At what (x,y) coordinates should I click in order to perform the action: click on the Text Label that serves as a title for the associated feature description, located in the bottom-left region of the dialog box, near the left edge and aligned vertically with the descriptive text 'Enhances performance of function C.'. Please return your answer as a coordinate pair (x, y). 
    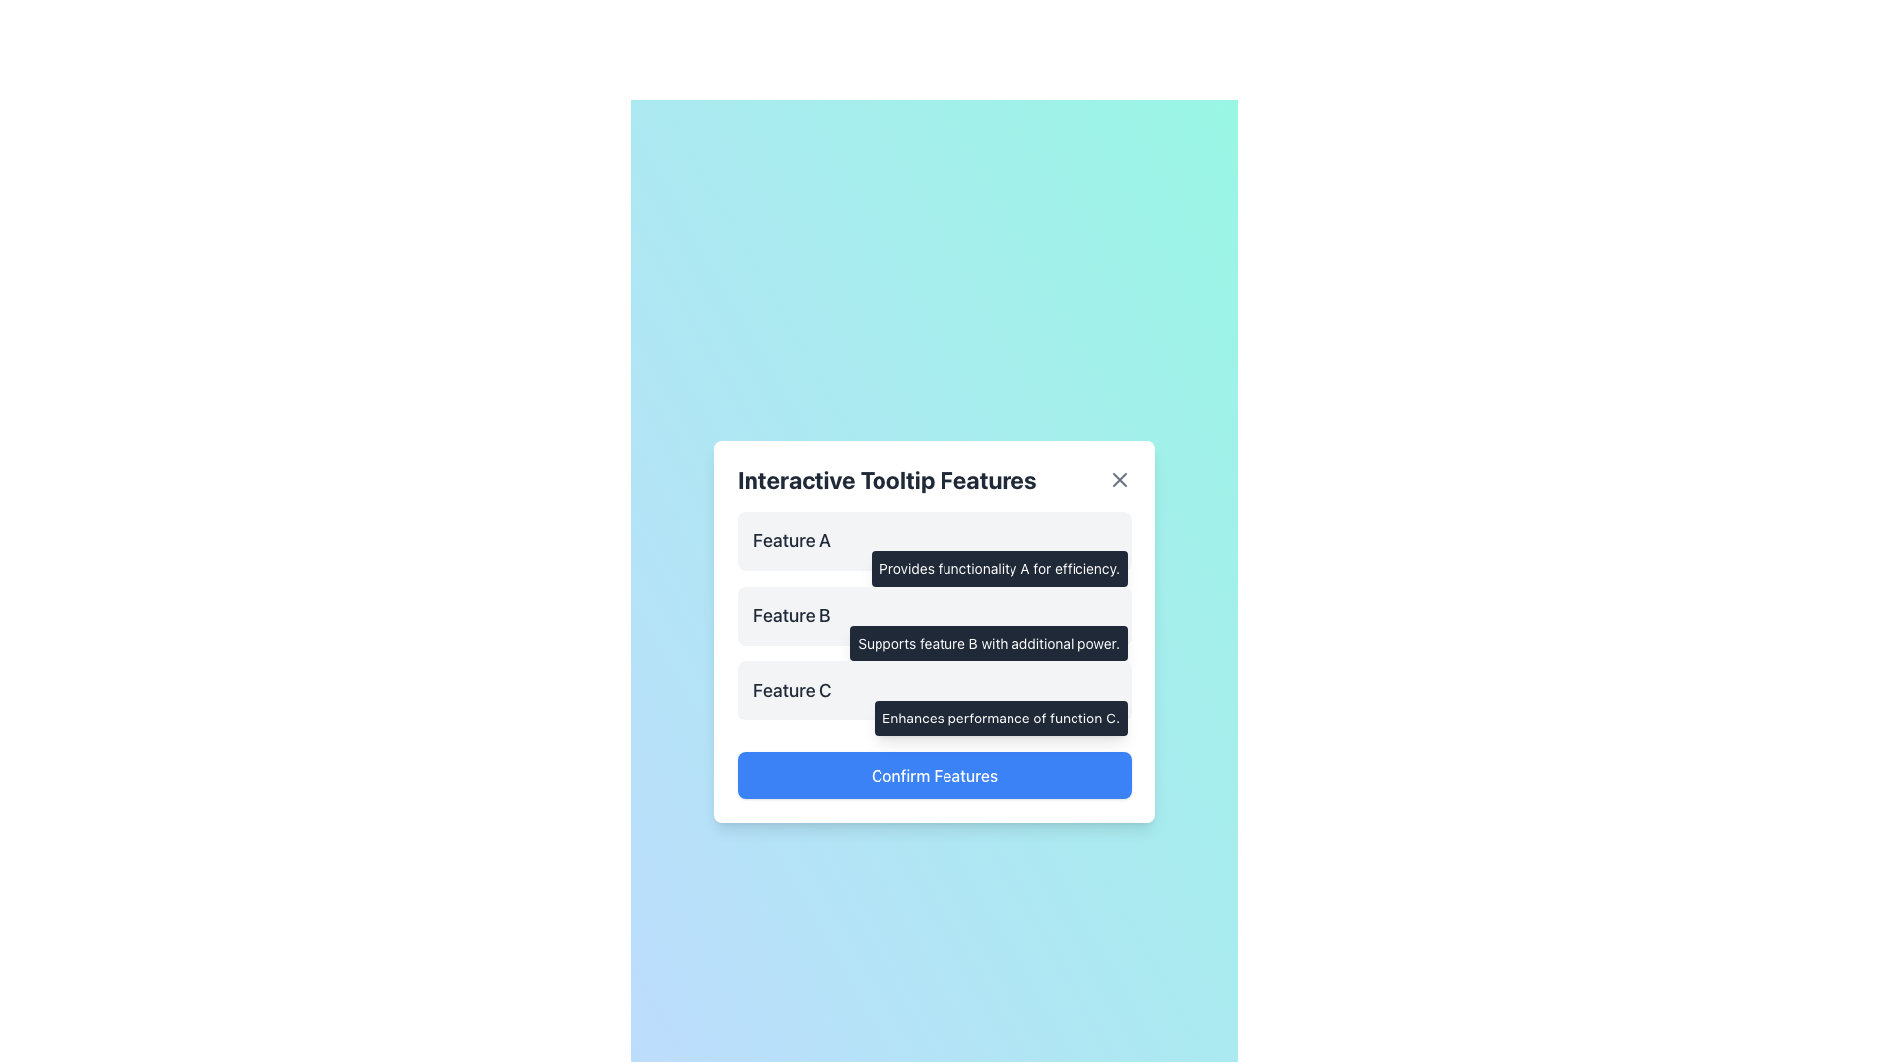
    Looking at the image, I should click on (792, 690).